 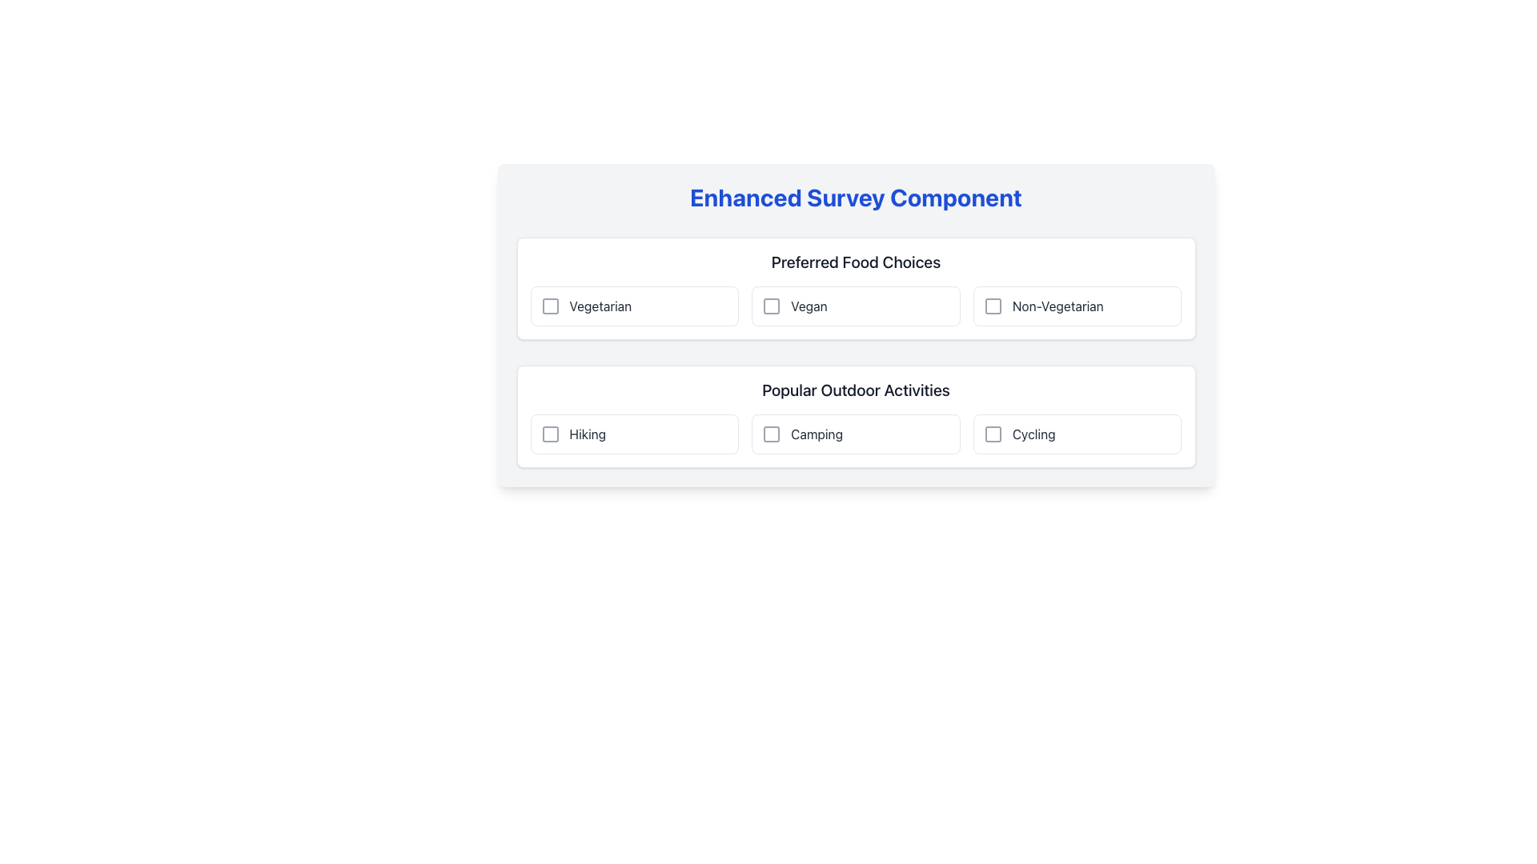 What do you see at coordinates (550, 306) in the screenshot?
I see `the first checkbox in the 'Preferred Food Choices' section, located to the left of the 'Vegetarian' label` at bounding box center [550, 306].